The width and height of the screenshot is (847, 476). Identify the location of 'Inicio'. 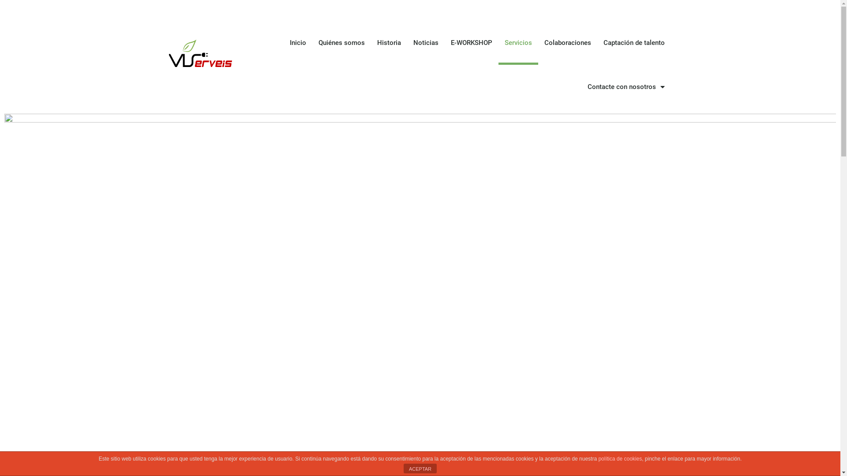
(284, 42).